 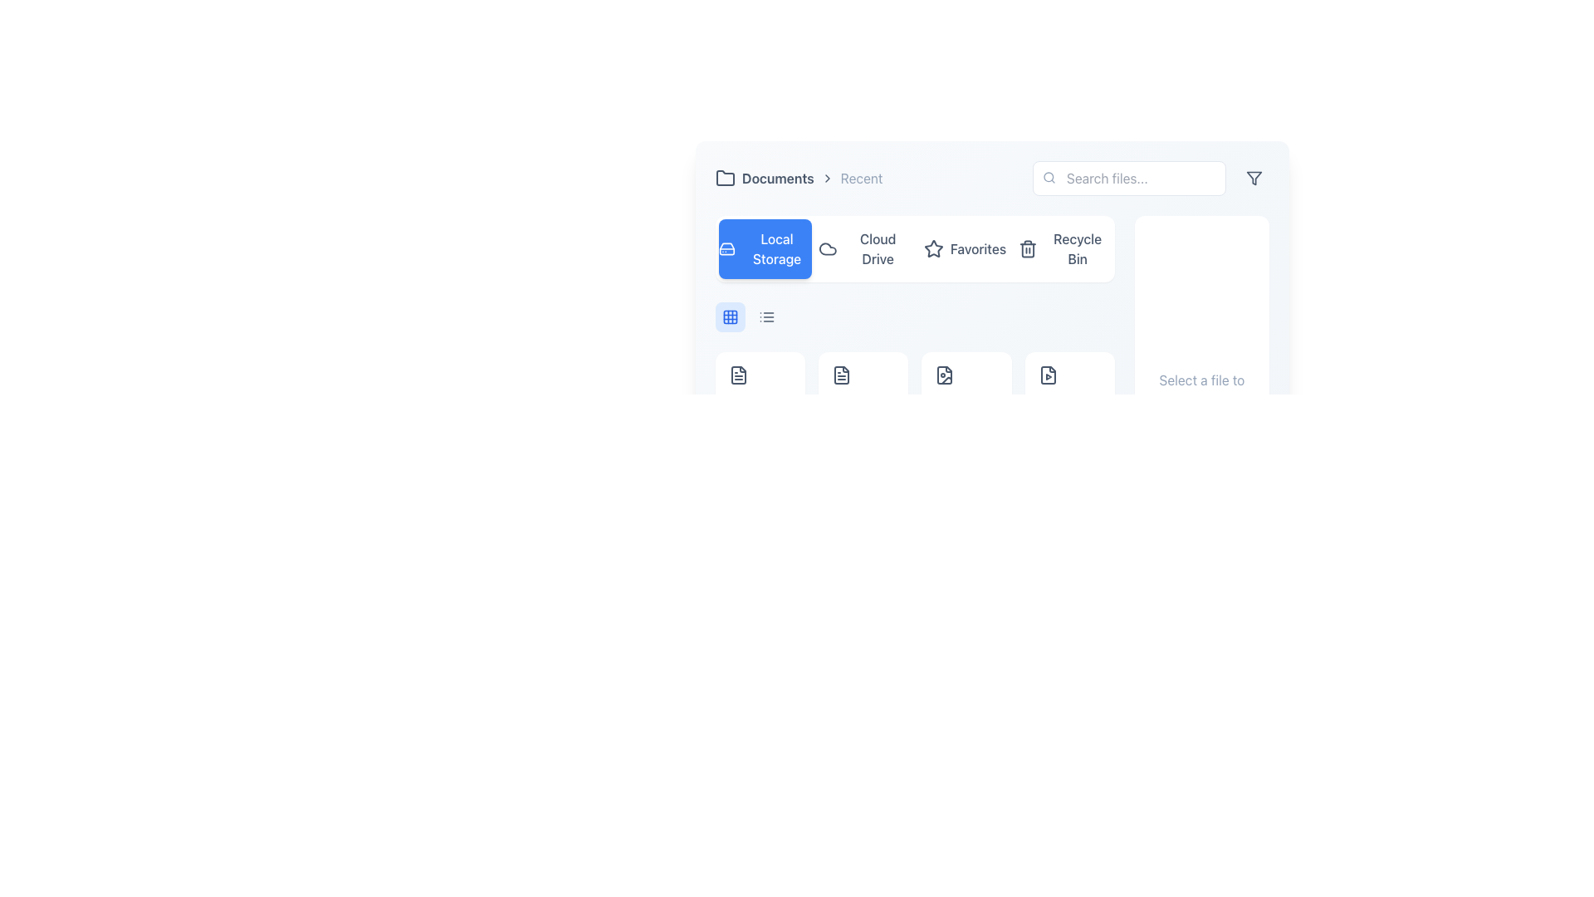 I want to click on the instructional text label that says 'Select a file, so click(x=1201, y=390).